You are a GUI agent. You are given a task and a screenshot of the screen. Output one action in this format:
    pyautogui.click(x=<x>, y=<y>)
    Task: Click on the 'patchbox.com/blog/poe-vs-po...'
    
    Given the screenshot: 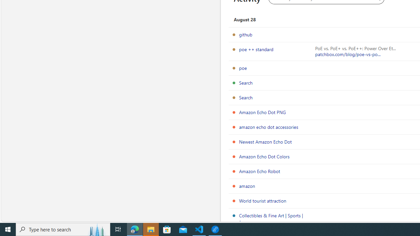 What is the action you would take?
    pyautogui.click(x=347, y=54)
    